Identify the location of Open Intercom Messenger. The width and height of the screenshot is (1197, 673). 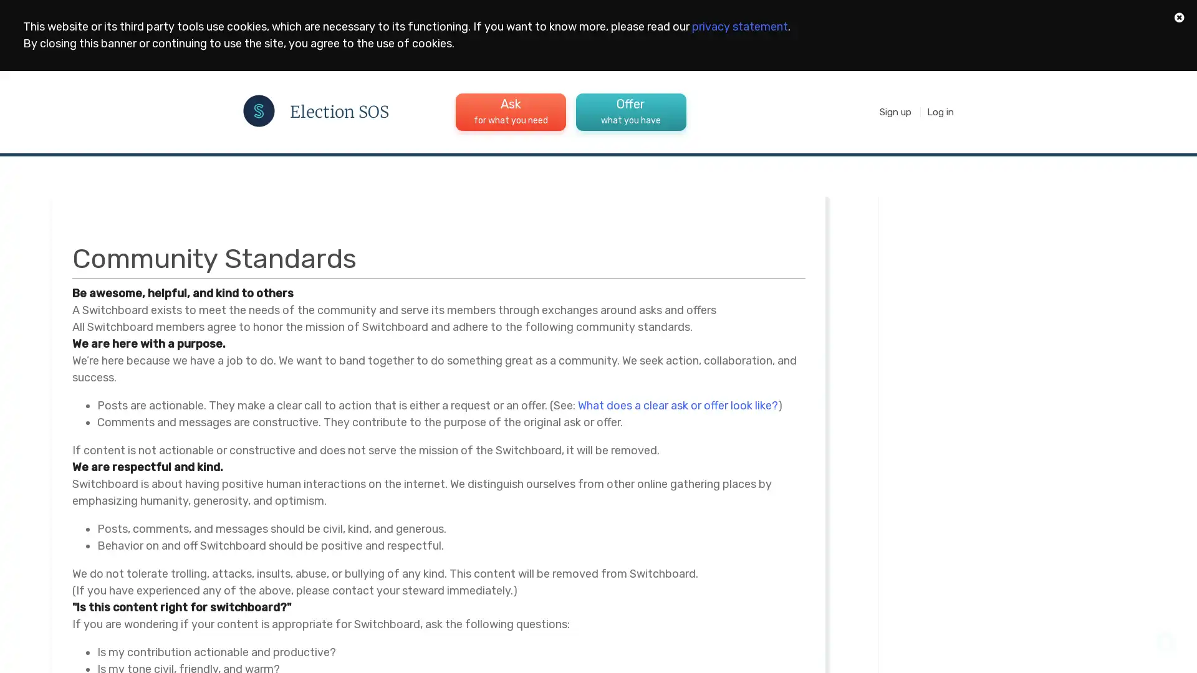
(1165, 641).